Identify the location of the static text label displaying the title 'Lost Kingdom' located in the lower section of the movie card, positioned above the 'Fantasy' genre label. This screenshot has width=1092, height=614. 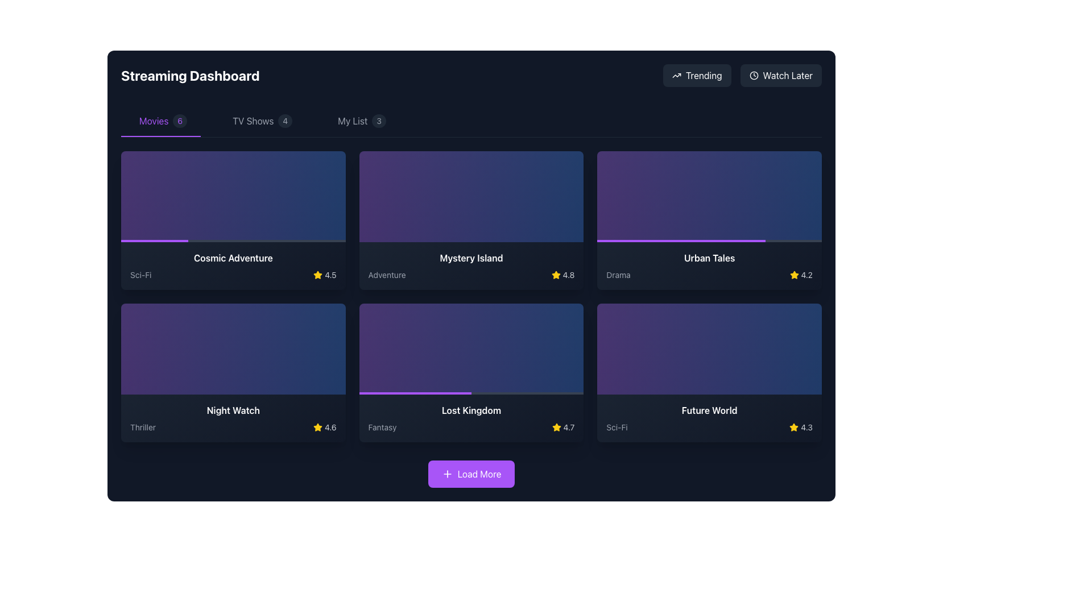
(471, 410).